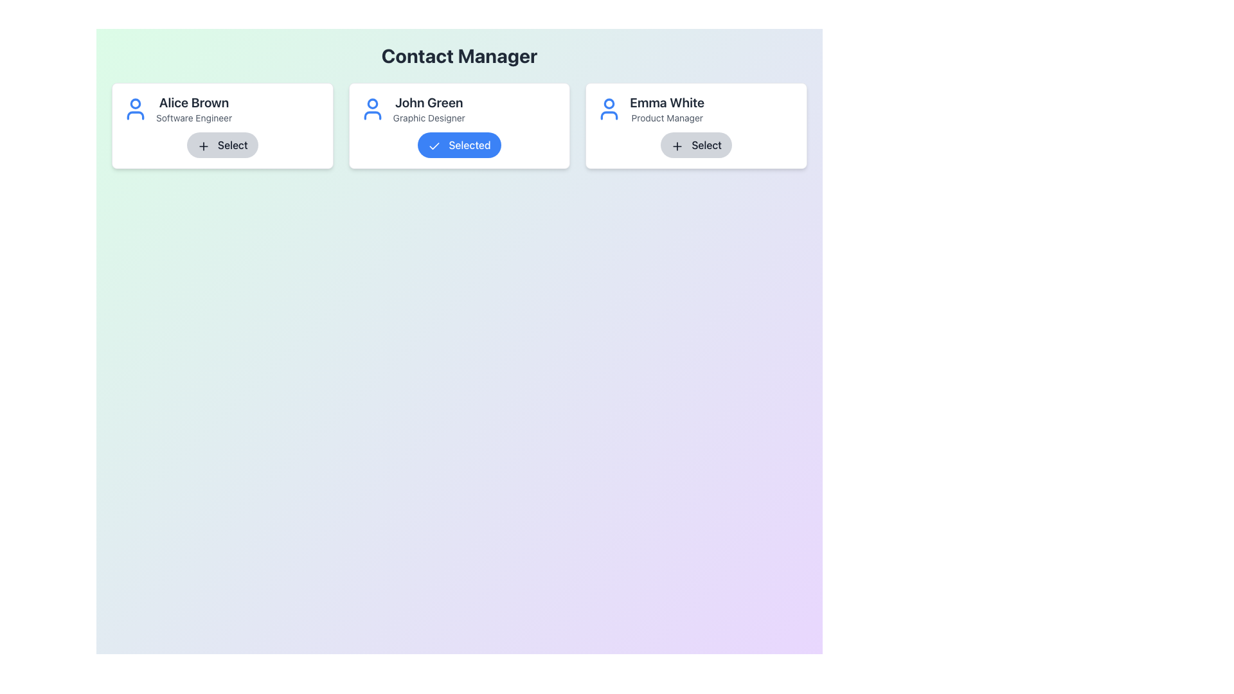  What do you see at coordinates (434, 145) in the screenshot?
I see `the checkmark icon within the 'Selected' button under John Green's contact card to indicate selection` at bounding box center [434, 145].